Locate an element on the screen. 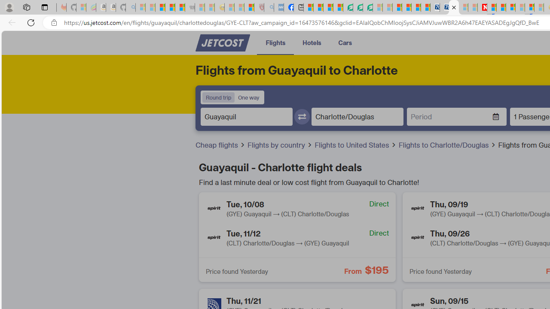 This screenshot has width=550, height=309. 'LendingTree - Compare Lenders' is located at coordinates (348, 7).